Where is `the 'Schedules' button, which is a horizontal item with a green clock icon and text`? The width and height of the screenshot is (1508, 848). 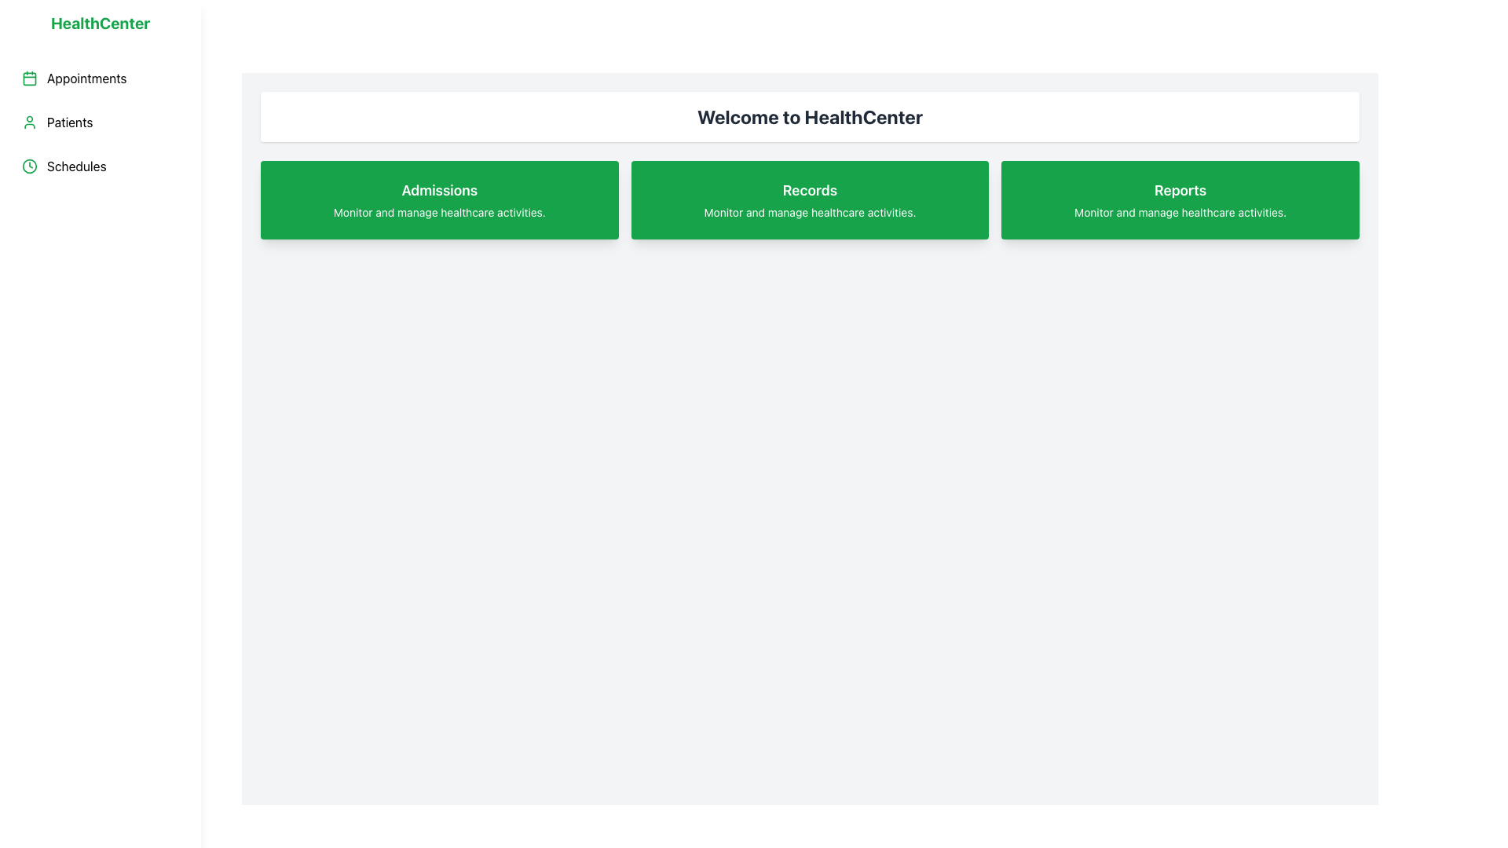
the 'Schedules' button, which is a horizontal item with a green clock icon and text is located at coordinates (100, 166).